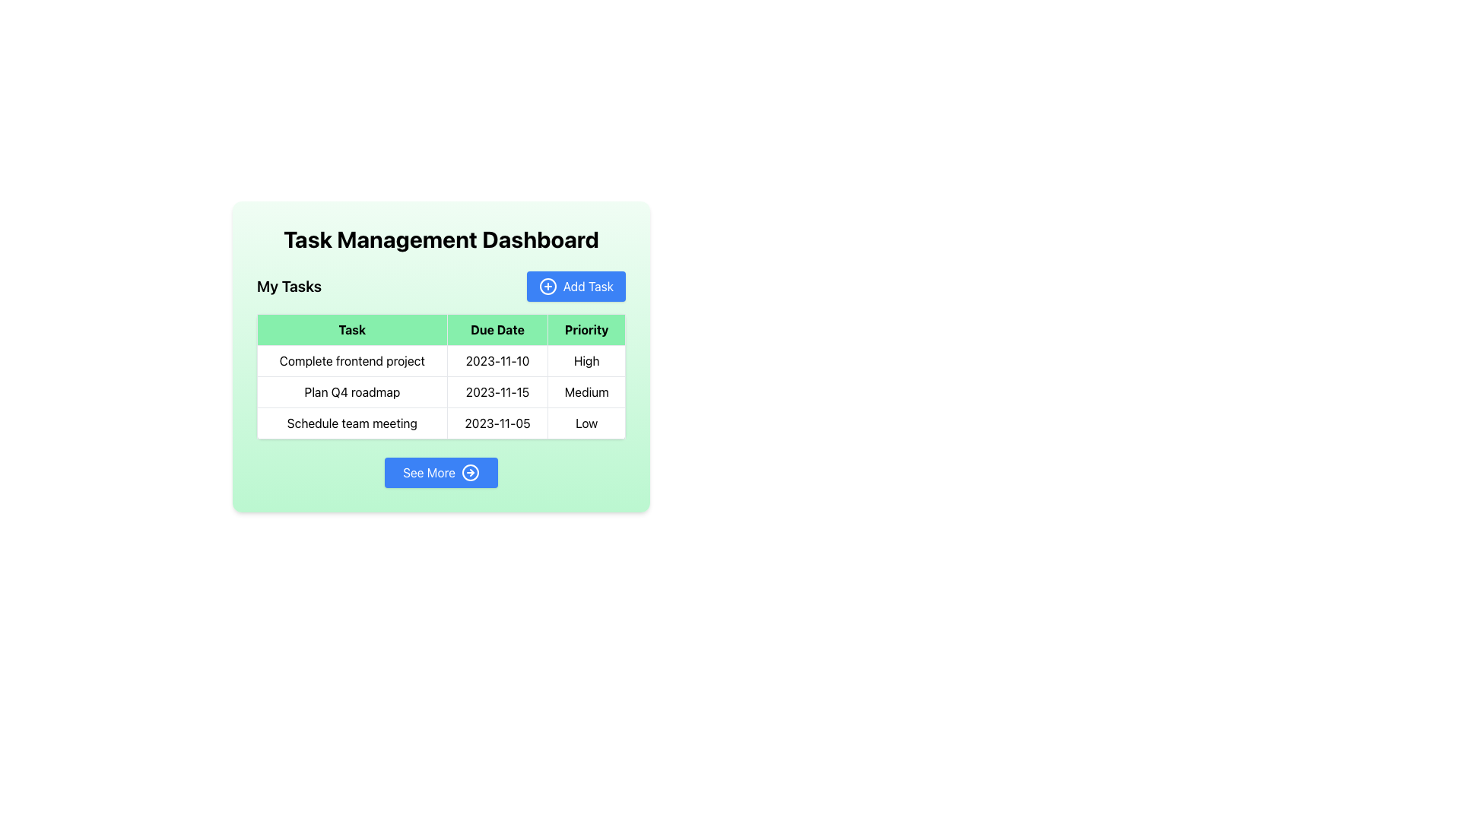 This screenshot has width=1460, height=821. Describe the element at coordinates (440, 376) in the screenshot. I see `the task management table located in the 'My Tasks' section to emphasize the rows` at that location.